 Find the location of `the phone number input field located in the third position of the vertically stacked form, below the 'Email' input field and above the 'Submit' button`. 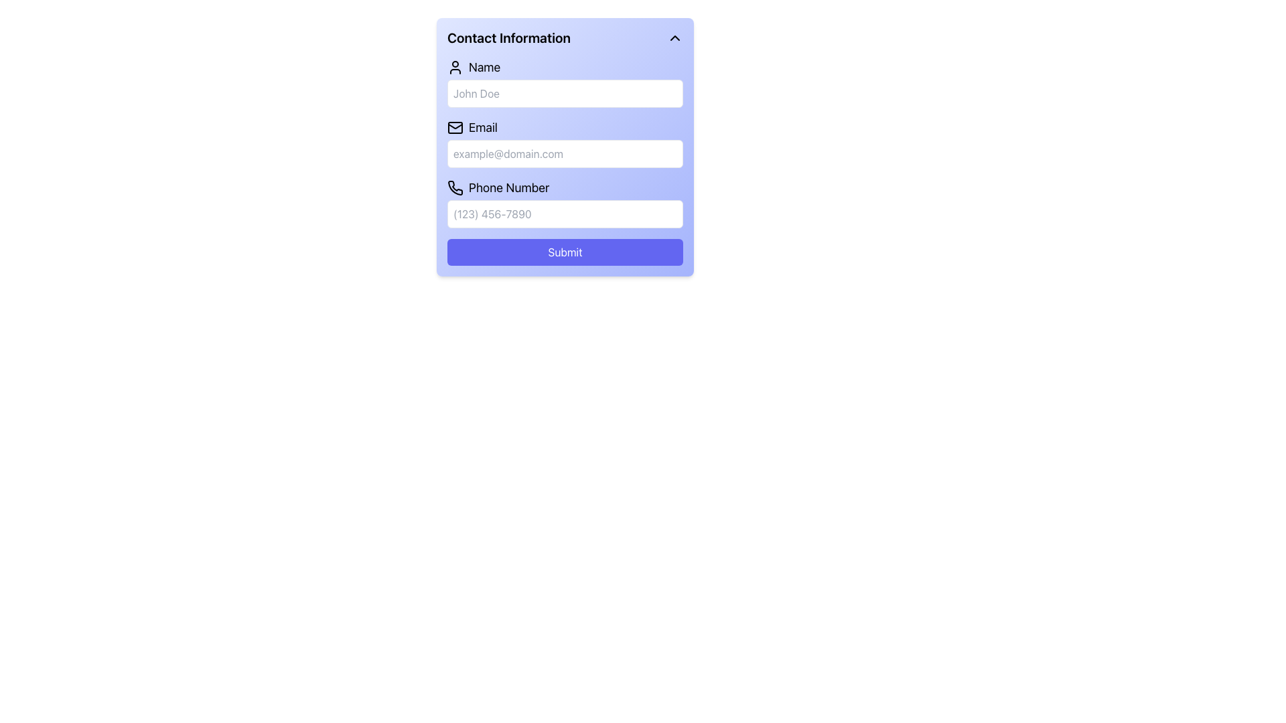

the phone number input field located in the third position of the vertically stacked form, below the 'Email' input field and above the 'Submit' button is located at coordinates (565, 204).